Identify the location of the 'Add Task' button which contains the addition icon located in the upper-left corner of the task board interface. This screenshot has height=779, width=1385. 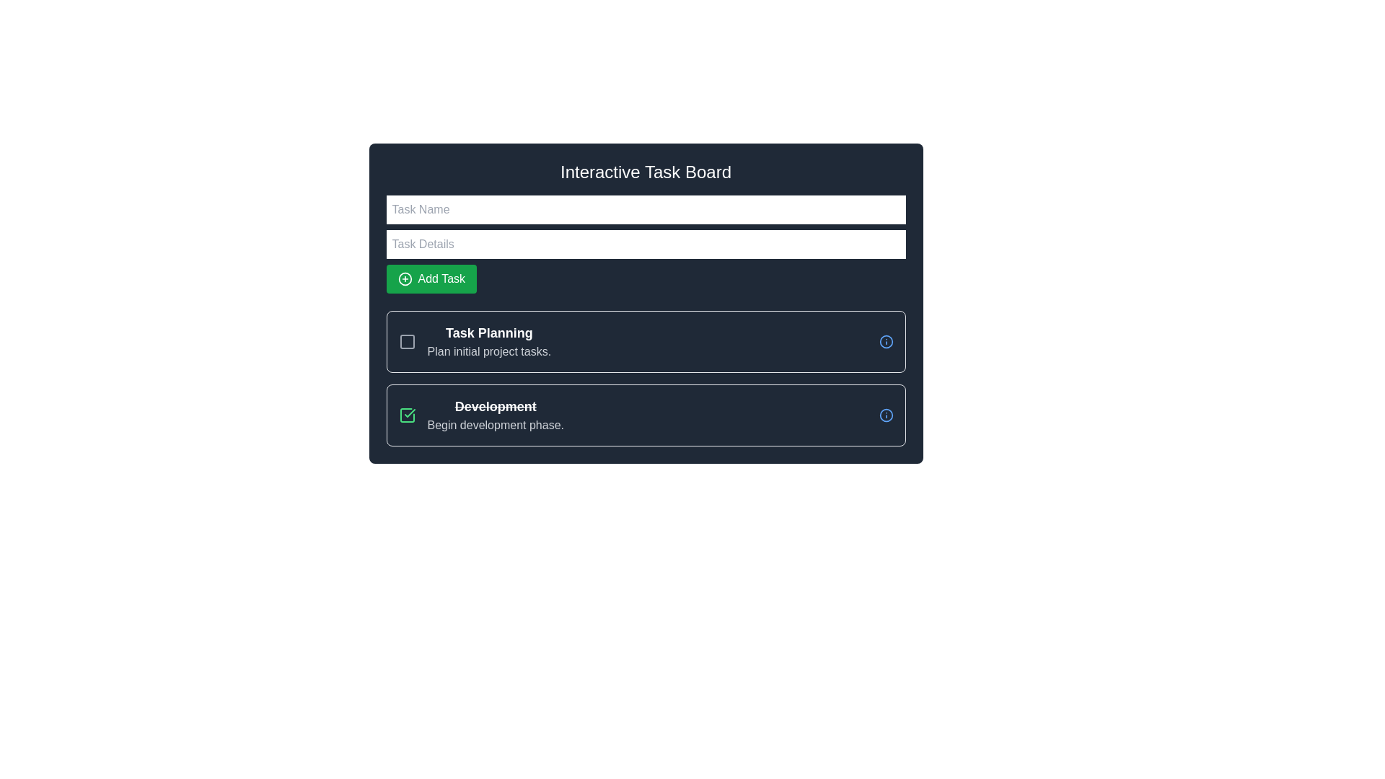
(404, 278).